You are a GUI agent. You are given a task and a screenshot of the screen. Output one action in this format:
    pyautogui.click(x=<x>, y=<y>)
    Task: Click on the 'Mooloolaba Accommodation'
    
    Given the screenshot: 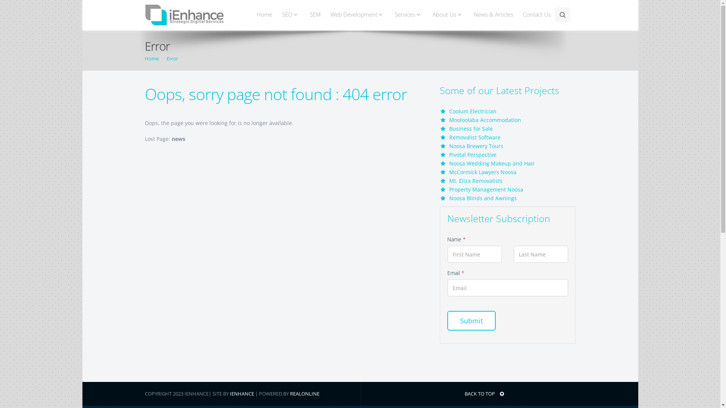 What is the action you would take?
    pyautogui.click(x=485, y=119)
    